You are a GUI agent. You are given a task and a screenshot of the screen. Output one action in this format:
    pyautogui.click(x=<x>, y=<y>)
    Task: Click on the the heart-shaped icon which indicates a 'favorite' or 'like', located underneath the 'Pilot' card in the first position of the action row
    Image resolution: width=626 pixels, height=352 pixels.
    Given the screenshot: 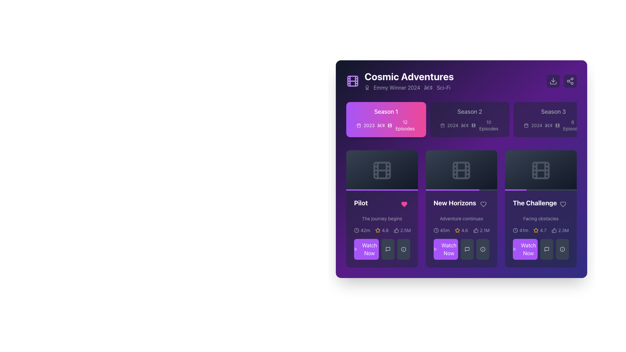 What is the action you would take?
    pyautogui.click(x=404, y=204)
    